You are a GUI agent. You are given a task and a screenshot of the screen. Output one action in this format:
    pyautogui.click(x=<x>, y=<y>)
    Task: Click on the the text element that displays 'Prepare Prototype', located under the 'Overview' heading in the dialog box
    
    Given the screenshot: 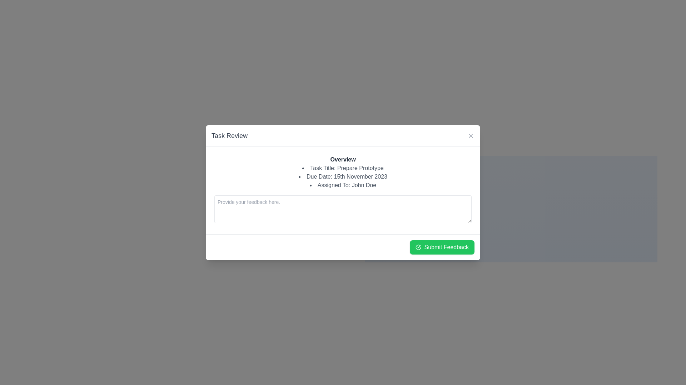 What is the action you would take?
    pyautogui.click(x=343, y=168)
    